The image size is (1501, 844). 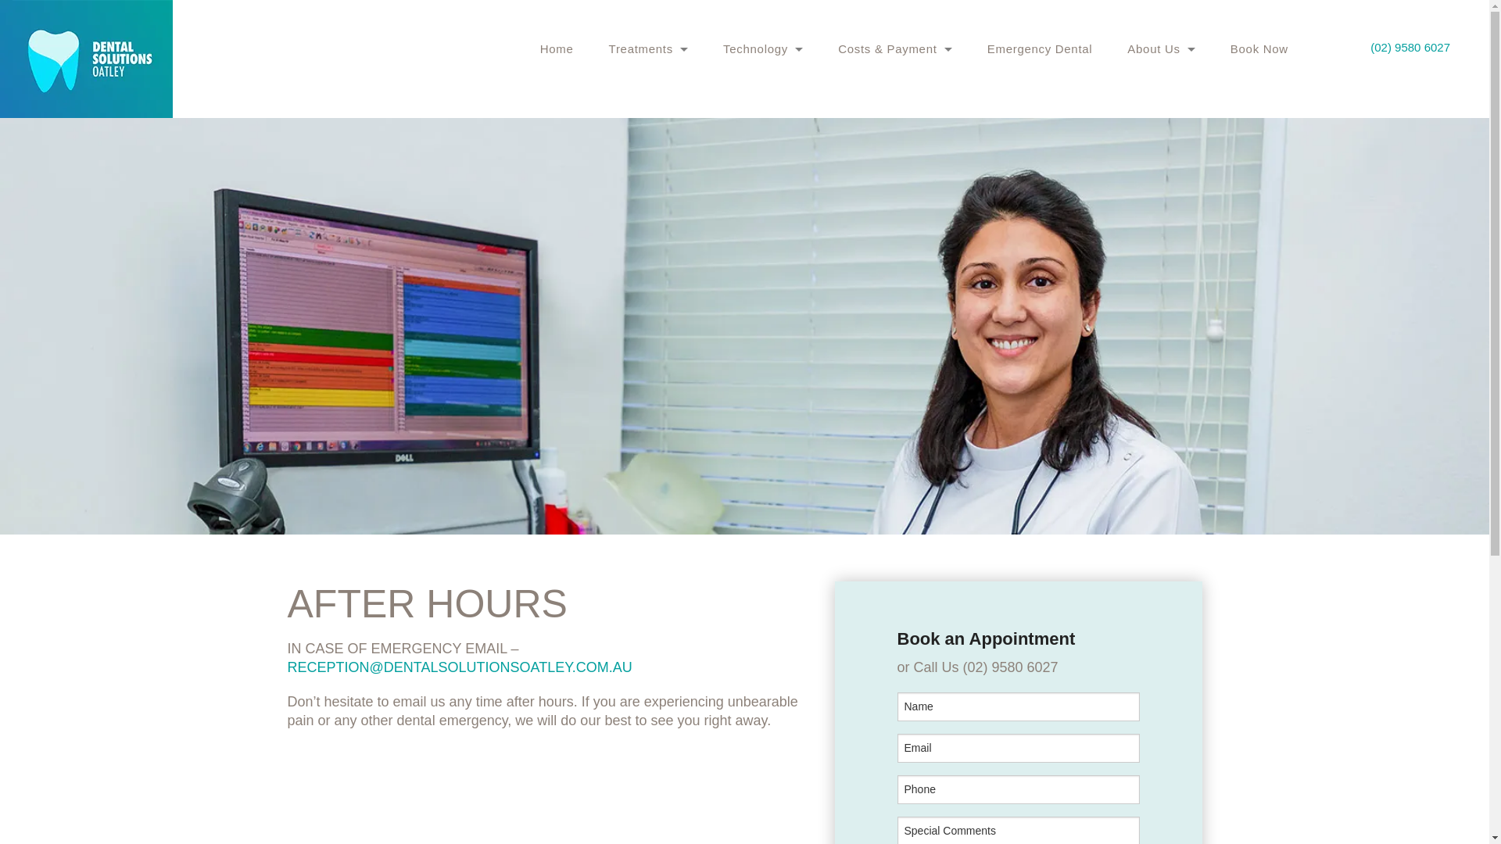 What do you see at coordinates (1161, 48) in the screenshot?
I see `'About Us'` at bounding box center [1161, 48].